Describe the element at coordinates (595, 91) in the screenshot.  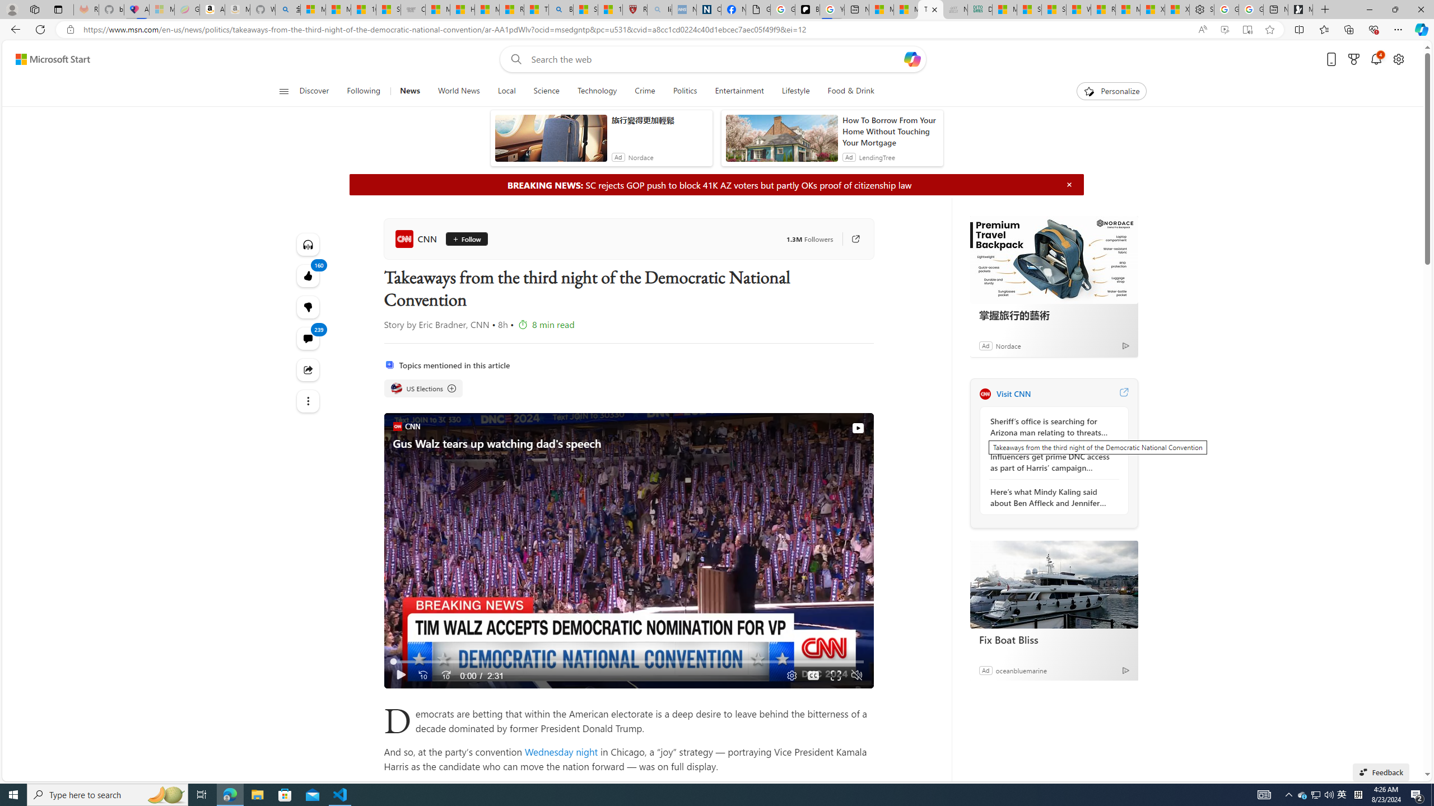
I see `'Technology'` at that location.